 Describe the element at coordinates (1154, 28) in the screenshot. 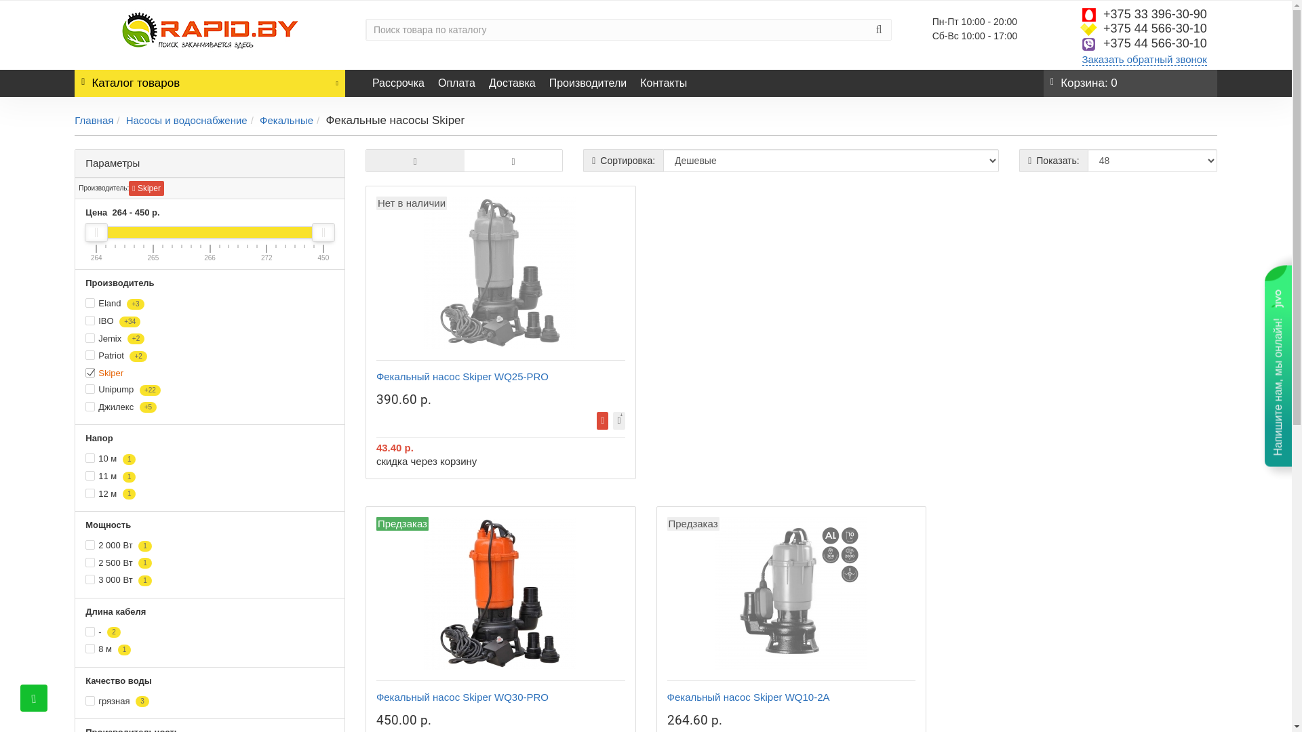

I see `'+375 44 566-30-10'` at that location.